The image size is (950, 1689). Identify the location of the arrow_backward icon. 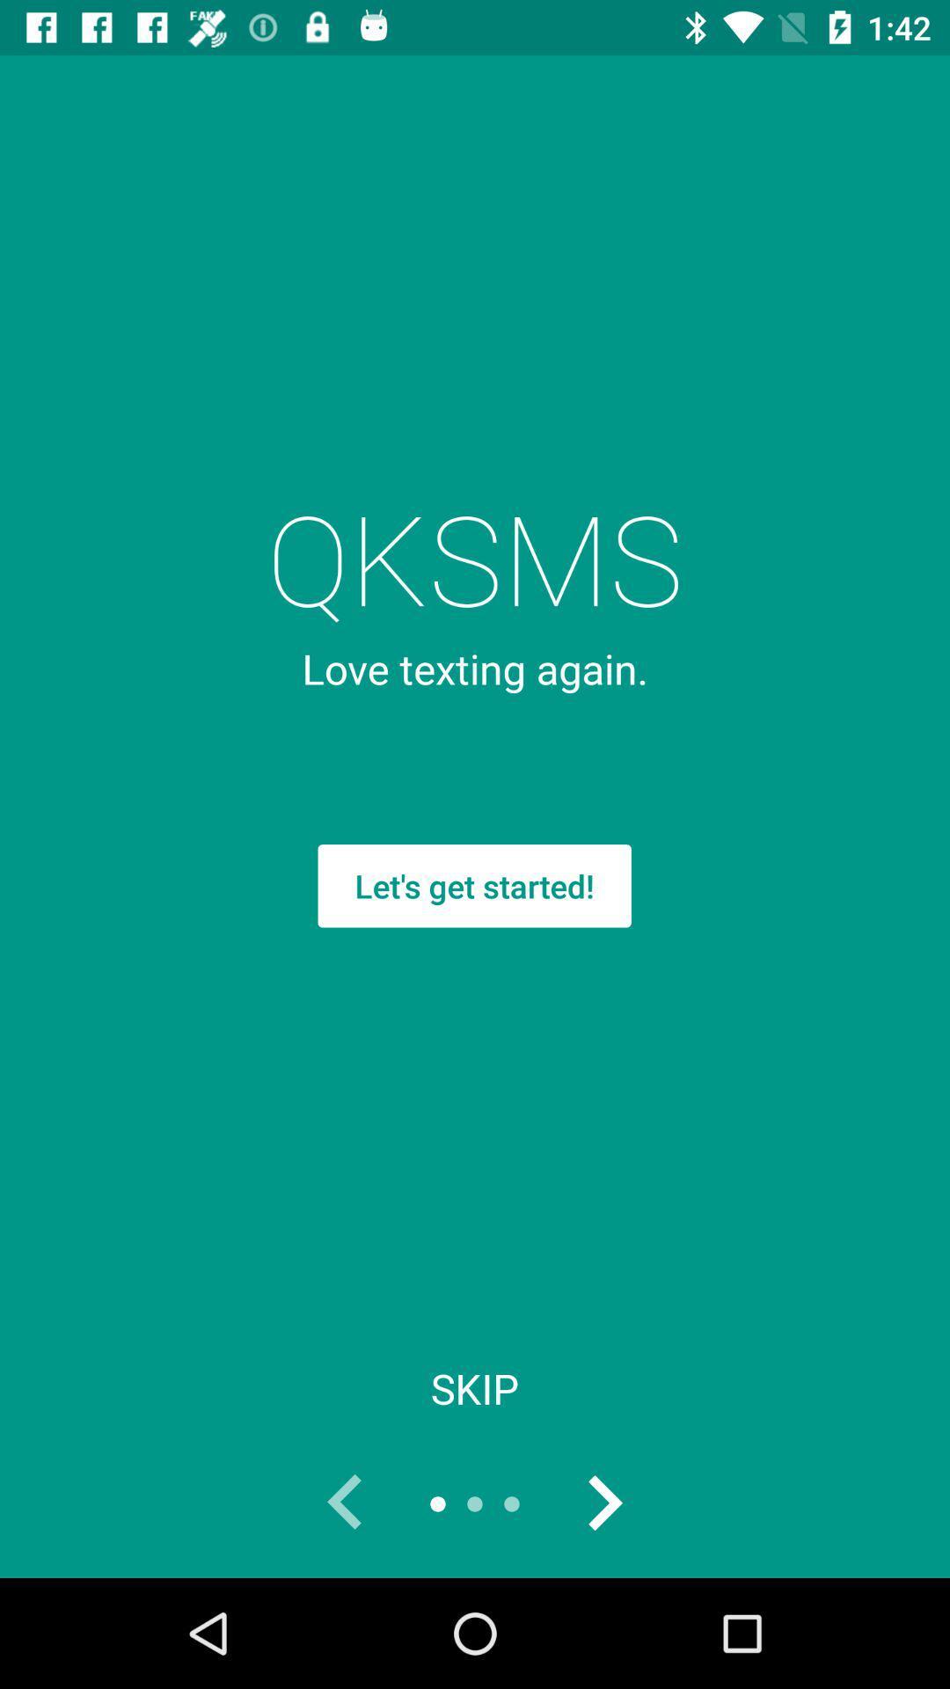
(346, 1503).